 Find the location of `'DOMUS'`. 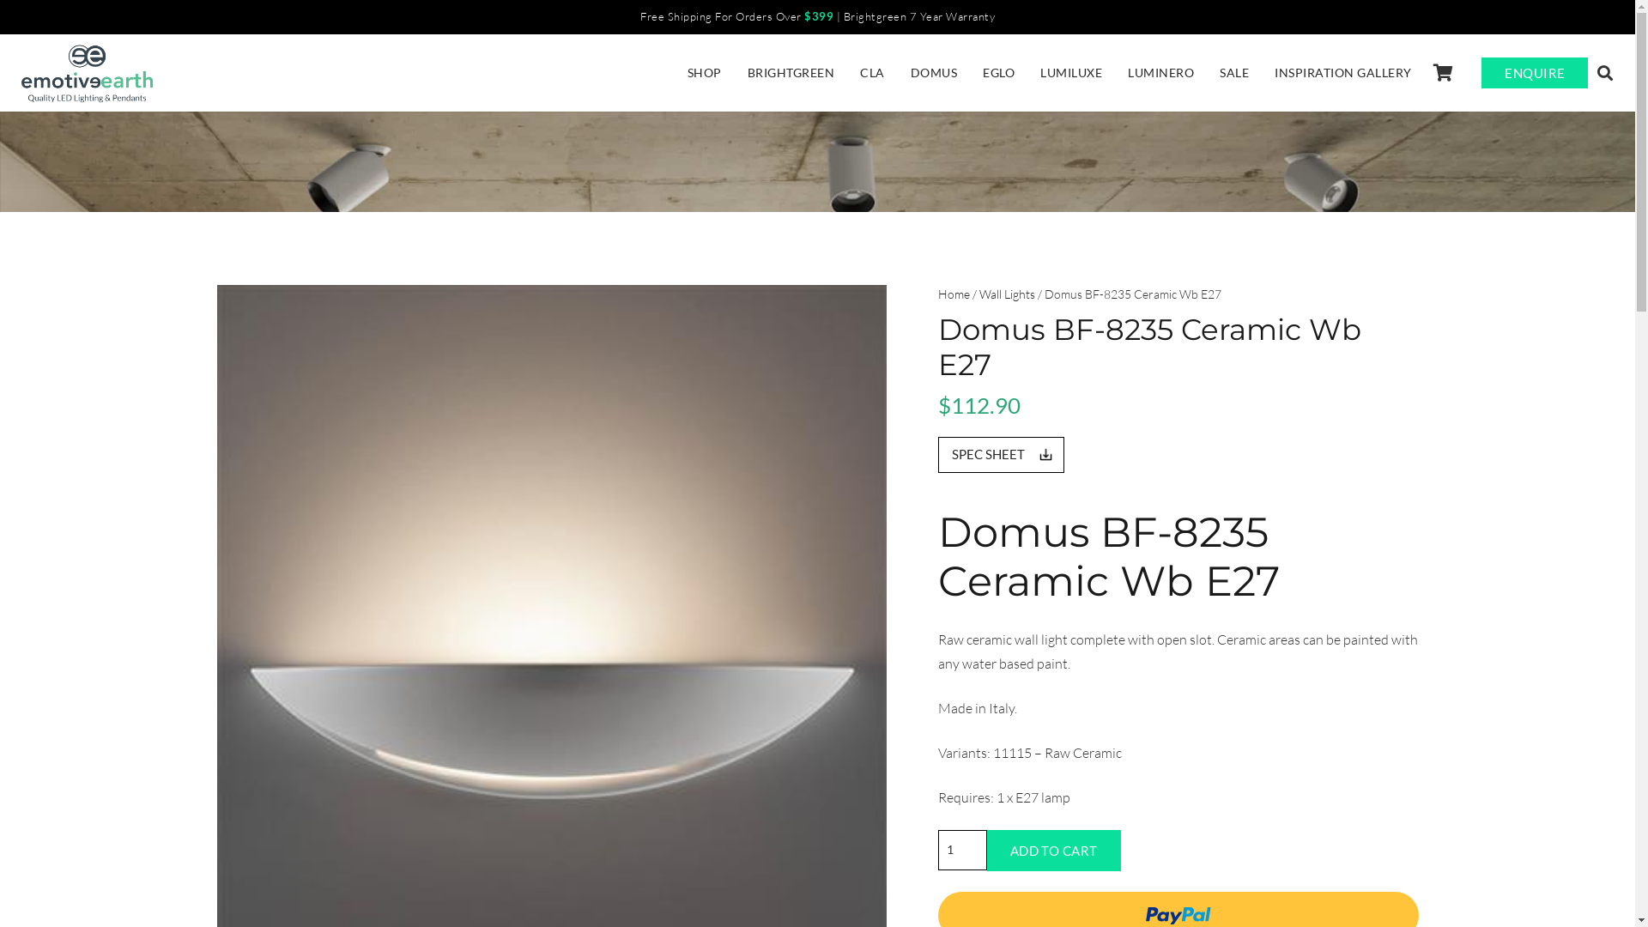

'DOMUS' is located at coordinates (933, 71).